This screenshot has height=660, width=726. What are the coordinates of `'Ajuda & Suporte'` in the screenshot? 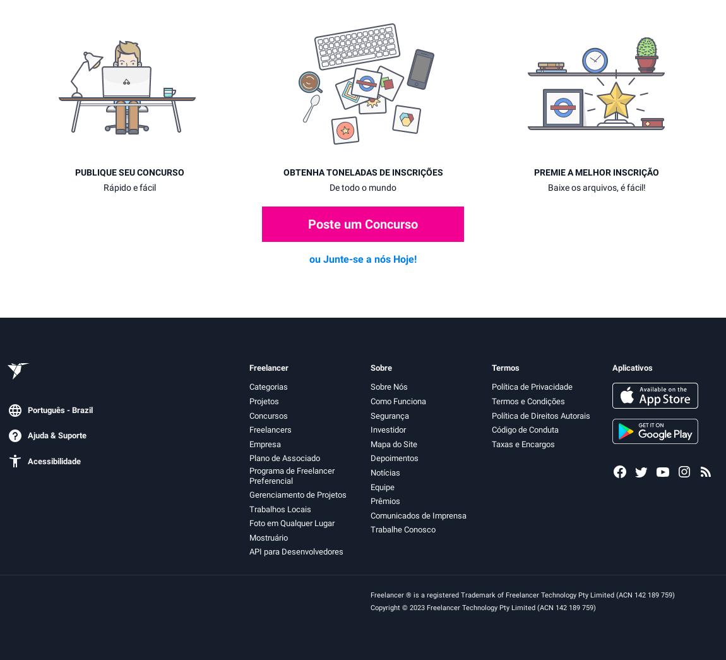 It's located at (56, 435).